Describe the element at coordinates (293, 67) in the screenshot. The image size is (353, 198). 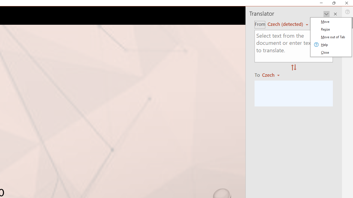
I see `'Swap "from" and "to" languages.'` at that location.